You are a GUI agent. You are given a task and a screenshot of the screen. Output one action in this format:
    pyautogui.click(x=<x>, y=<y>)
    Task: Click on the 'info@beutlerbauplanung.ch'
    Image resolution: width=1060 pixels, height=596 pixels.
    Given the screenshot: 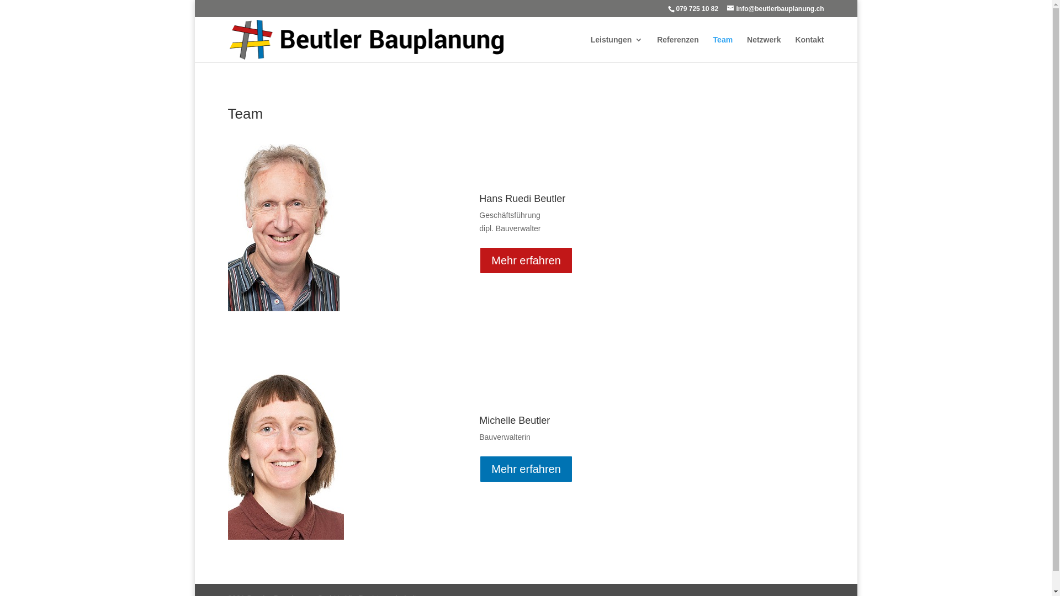 What is the action you would take?
    pyautogui.click(x=775, y=8)
    